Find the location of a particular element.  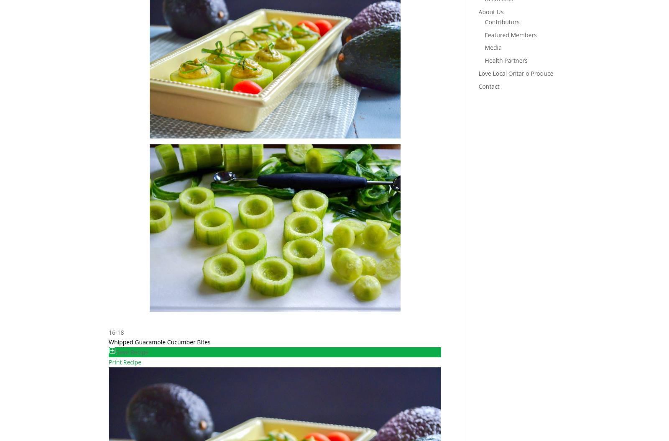

'Save Recipe' is located at coordinates (132, 351).